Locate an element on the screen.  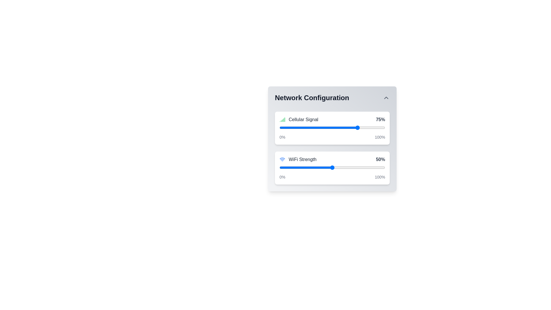
the Textual Indicator that displays the minimum (0%) and maximum (100%) values for the associated WiFi Strength slider, located directly below the slider component is located at coordinates (332, 177).